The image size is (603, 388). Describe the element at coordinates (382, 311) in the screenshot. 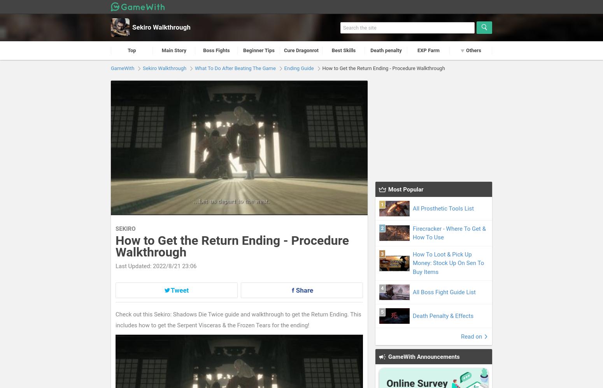

I see `'5'` at that location.